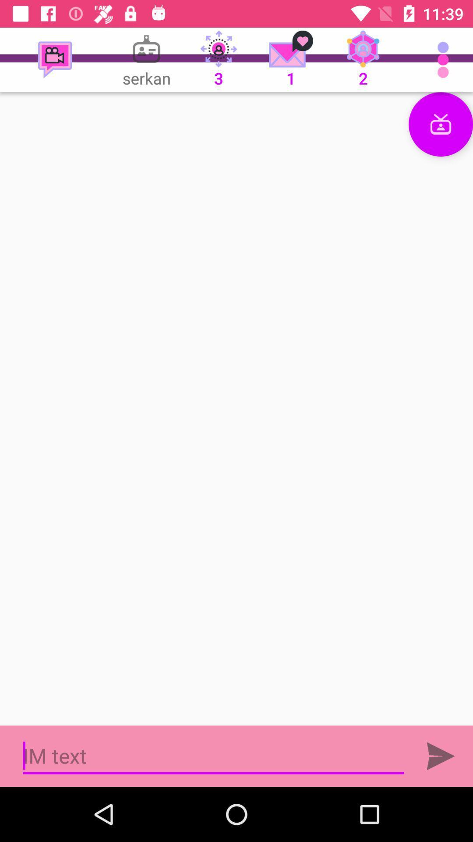 Image resolution: width=473 pixels, height=842 pixels. Describe the element at coordinates (236, 408) in the screenshot. I see `description` at that location.